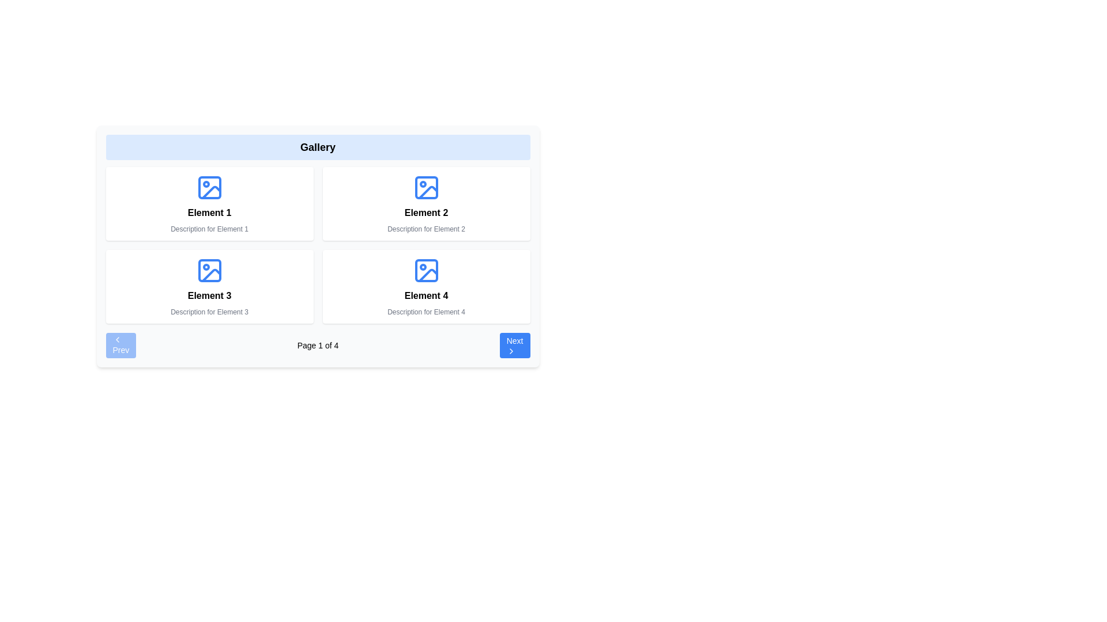  Describe the element at coordinates (209, 187) in the screenshot. I see `the icon that serves as a visual representation or decorative placeholder for the first item in the grid layout, located above the textual label 'Element 1' and 'Description for Element 1'` at that location.